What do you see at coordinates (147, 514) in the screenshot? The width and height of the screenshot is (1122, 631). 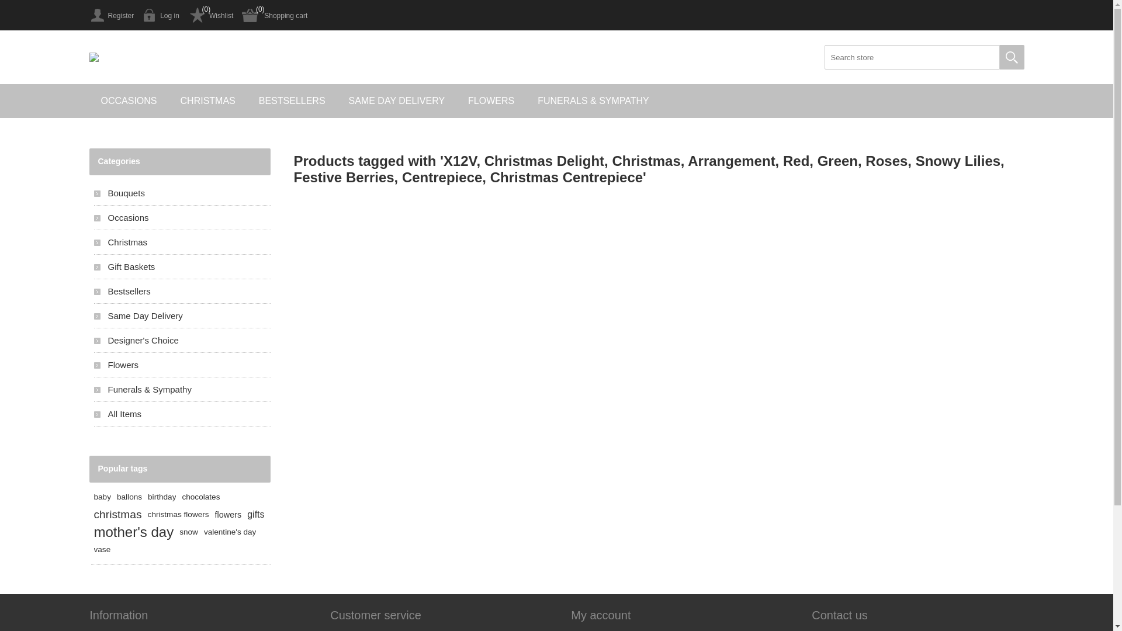 I see `'christmas flowers'` at bounding box center [147, 514].